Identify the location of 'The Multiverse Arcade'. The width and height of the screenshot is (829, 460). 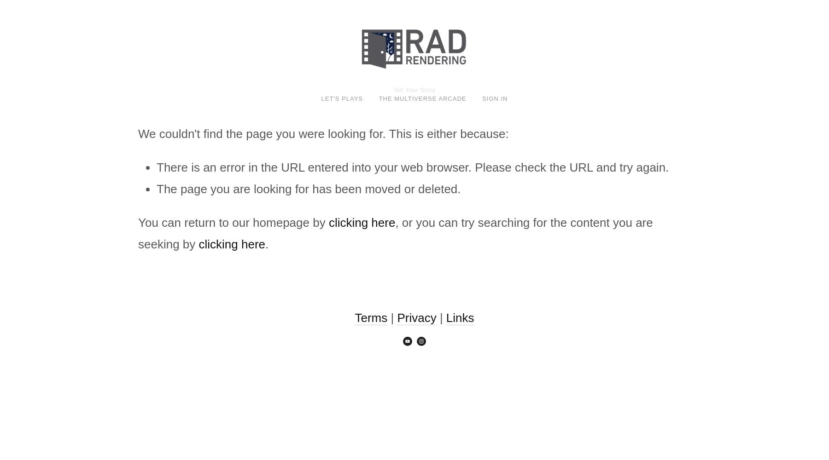
(421, 98).